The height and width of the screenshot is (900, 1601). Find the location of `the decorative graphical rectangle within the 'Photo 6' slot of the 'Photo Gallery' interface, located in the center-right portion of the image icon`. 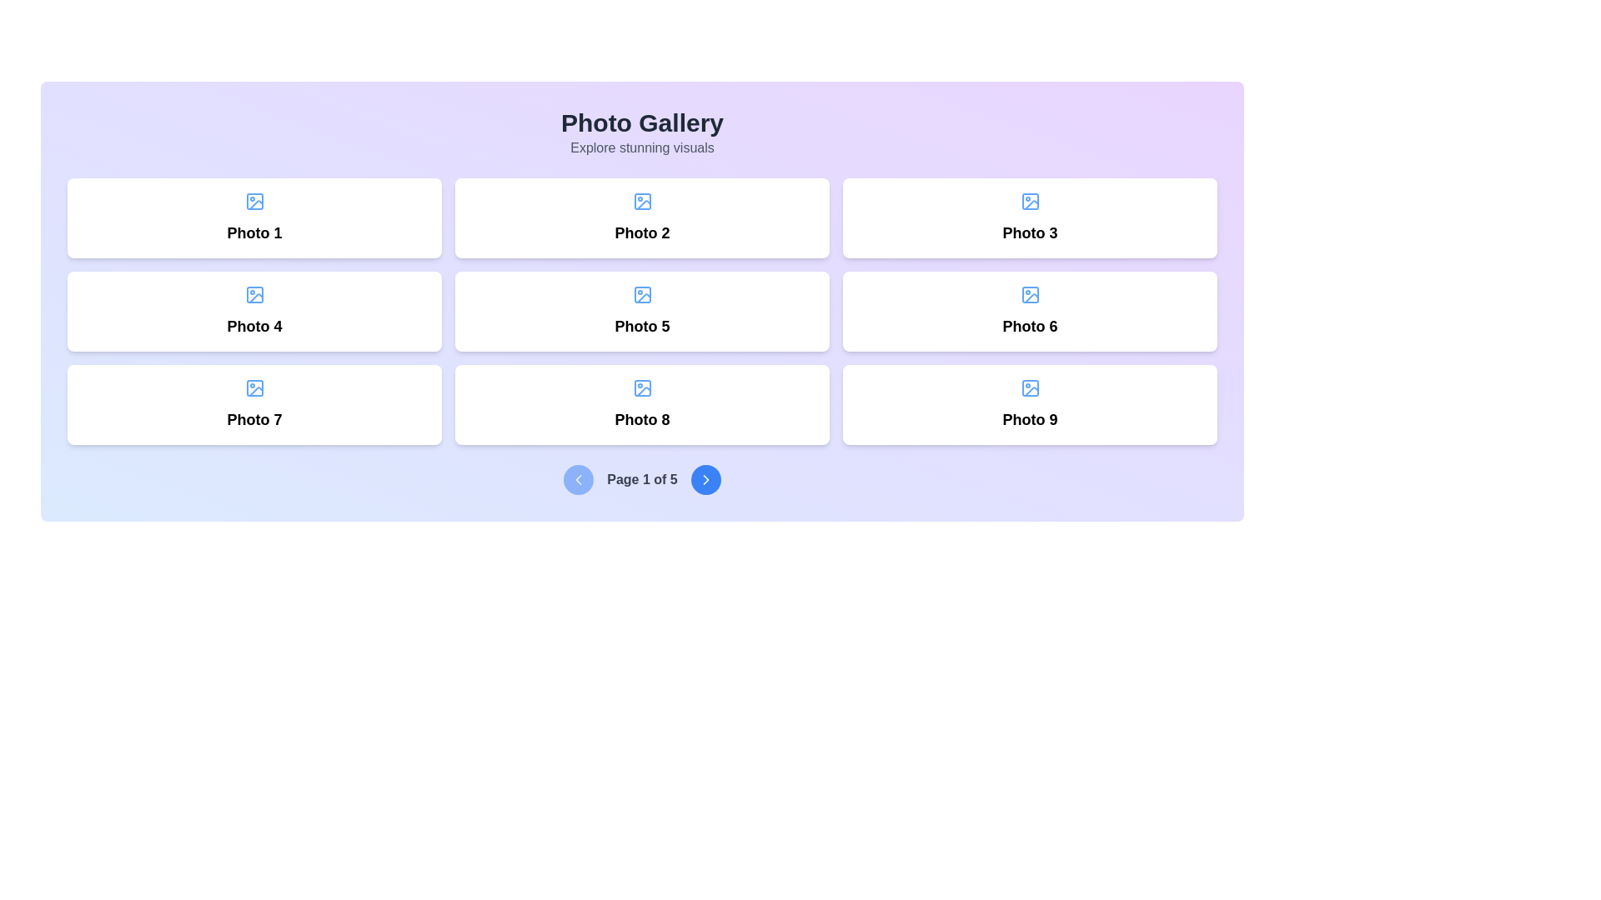

the decorative graphical rectangle within the 'Photo 6' slot of the 'Photo Gallery' interface, located in the center-right portion of the image icon is located at coordinates (1029, 294).